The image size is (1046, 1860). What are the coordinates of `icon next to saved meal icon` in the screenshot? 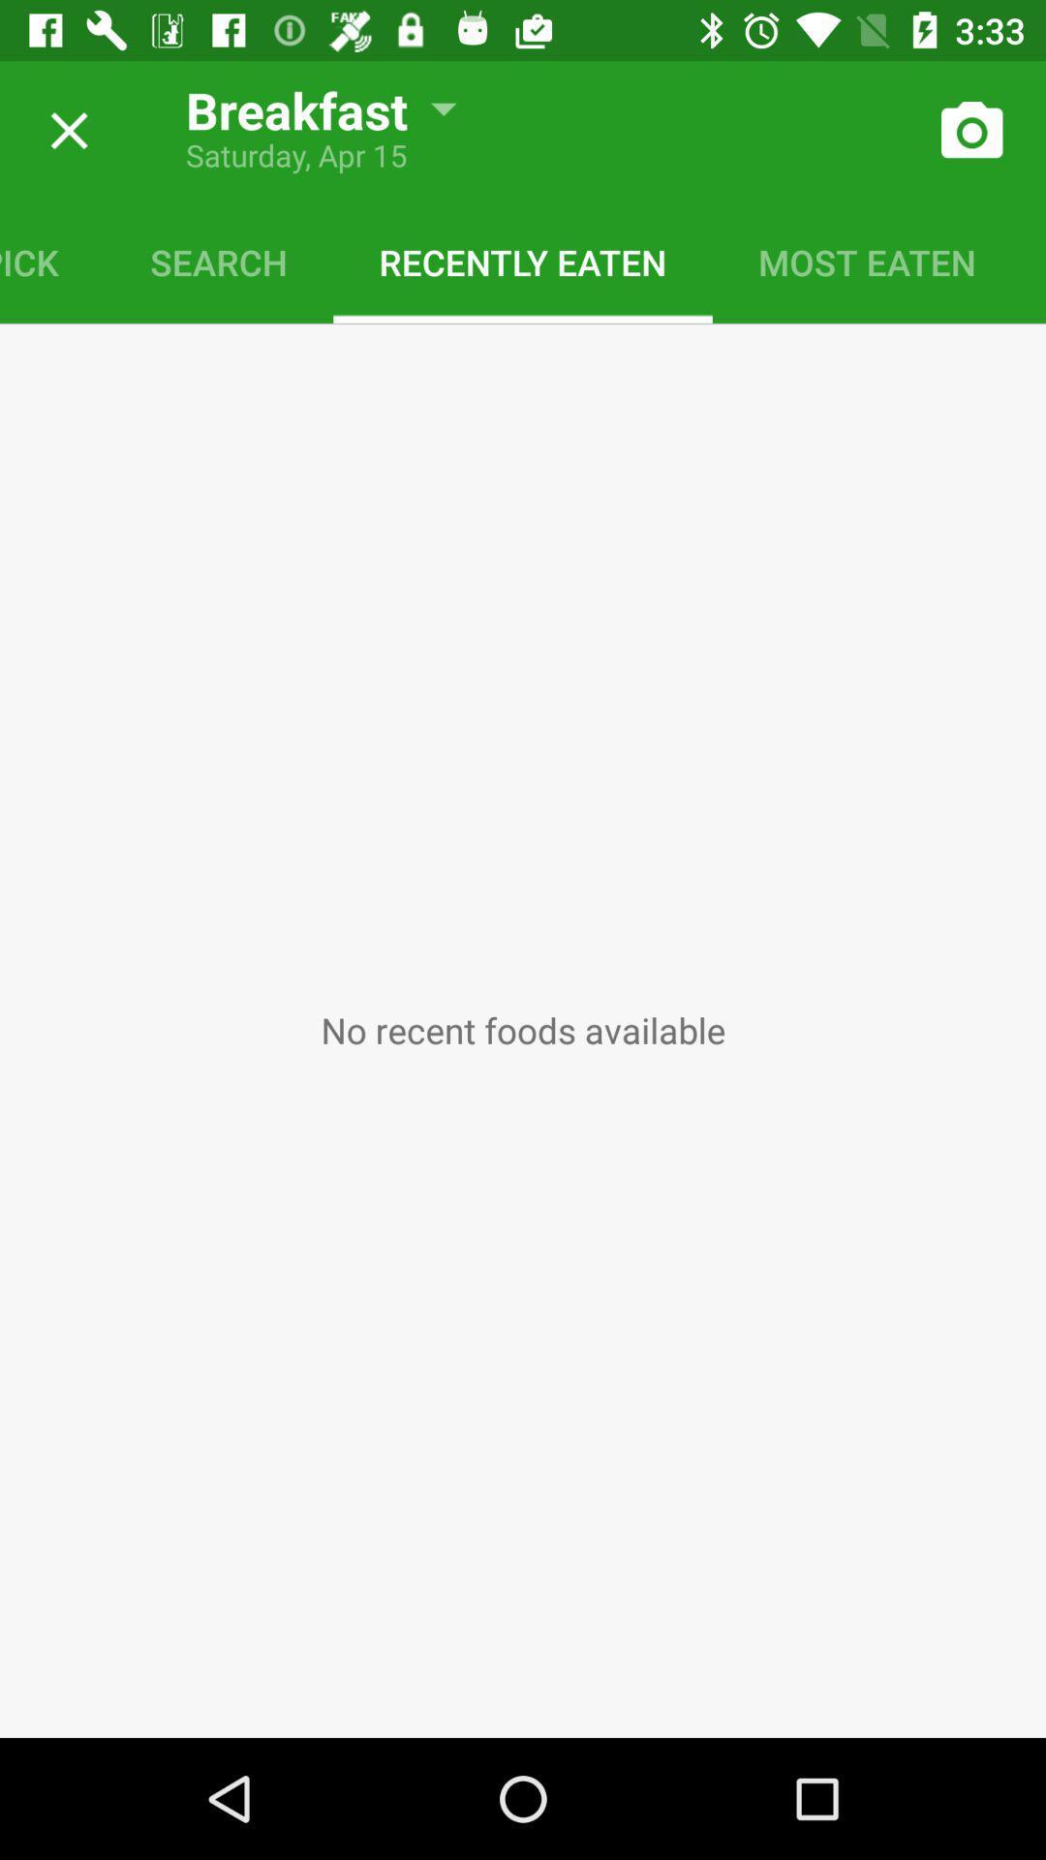 It's located at (866, 261).